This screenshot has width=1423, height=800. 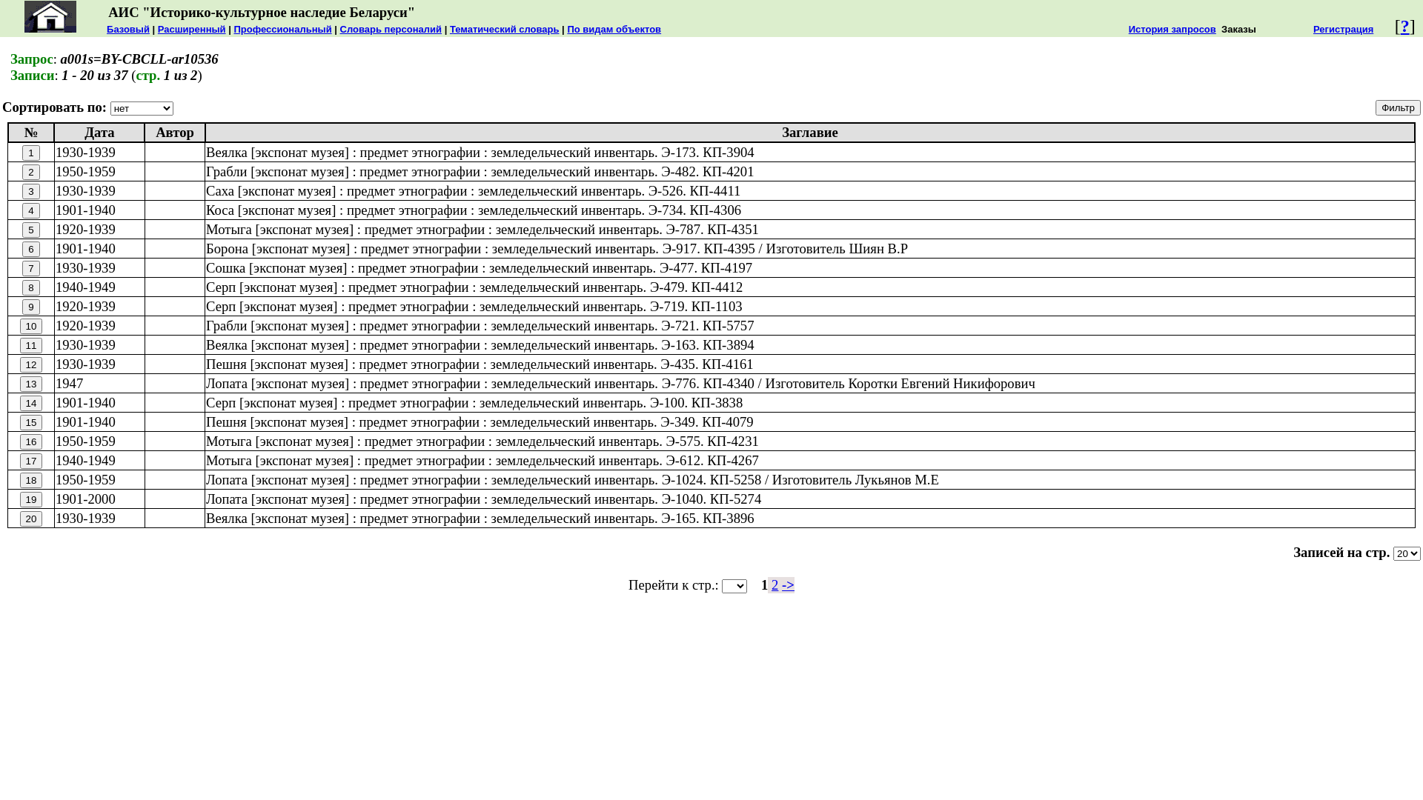 I want to click on '7', so click(x=30, y=268).